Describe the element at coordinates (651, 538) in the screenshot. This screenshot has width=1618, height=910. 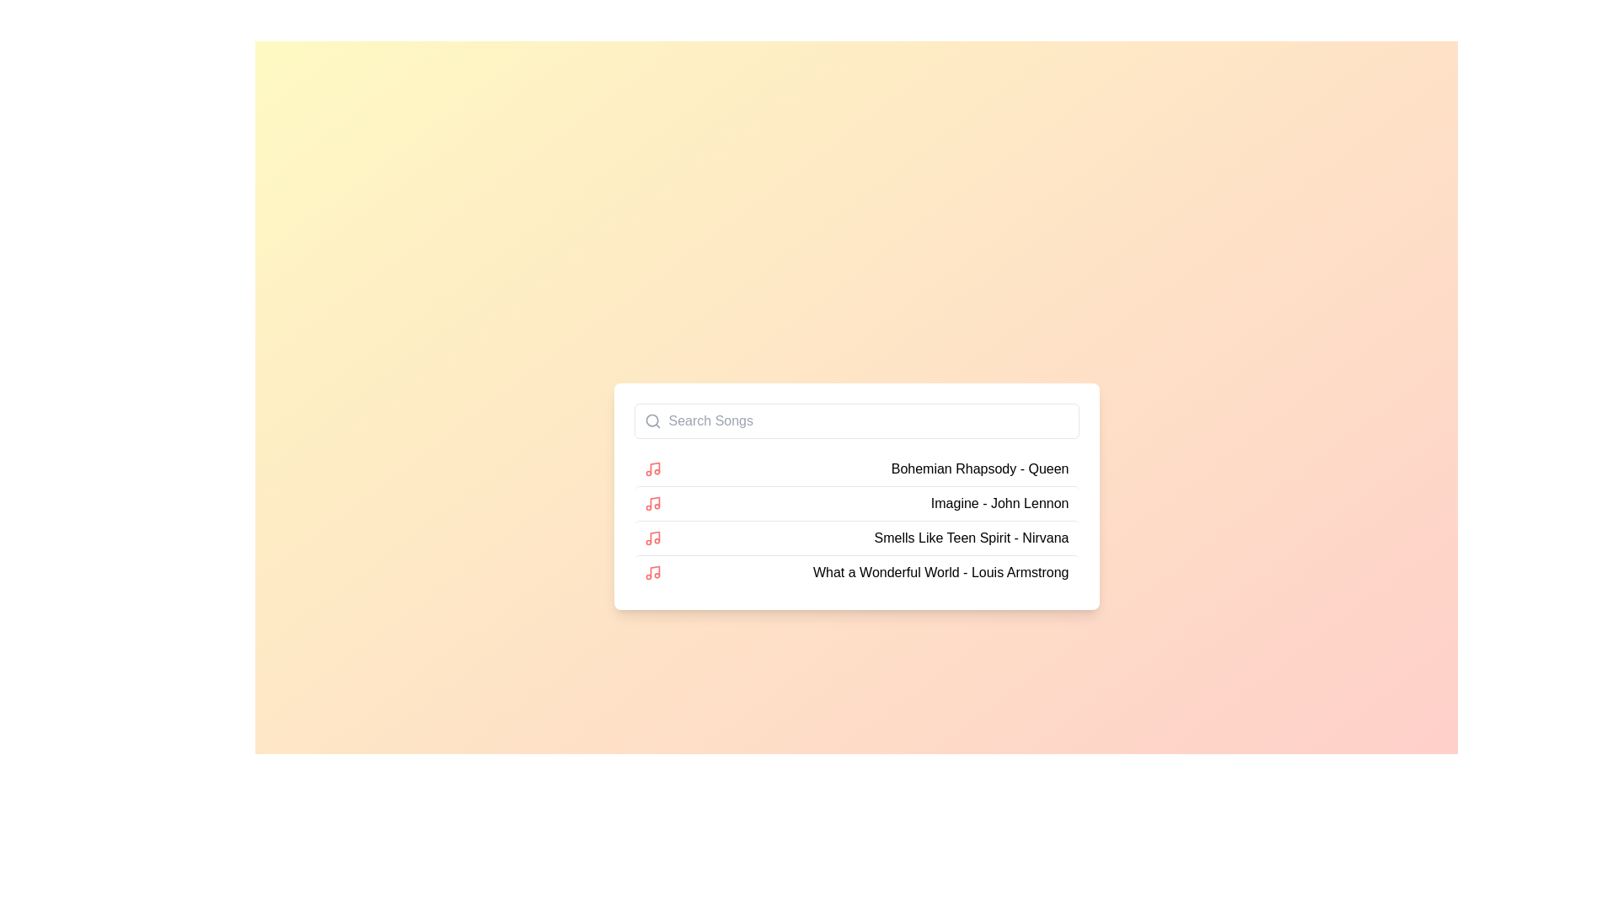
I see `the red musical note SVG icon located to the left of the song title 'Smells Like Teen Spirit - Nirvana' in the third item row of the song list` at that location.